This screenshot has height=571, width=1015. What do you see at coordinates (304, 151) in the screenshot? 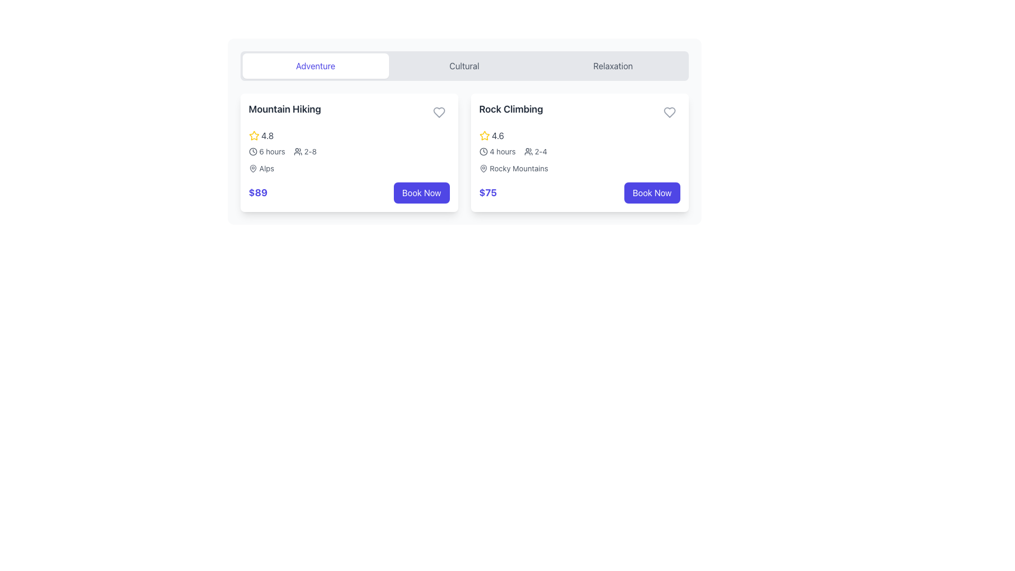
I see `text from the Text Label that indicates the range of participants (2-8) suitable for the activity described in the card, which is located directly to the right of the '6 hours' text in the first card under 'Adventure' activities` at bounding box center [304, 151].